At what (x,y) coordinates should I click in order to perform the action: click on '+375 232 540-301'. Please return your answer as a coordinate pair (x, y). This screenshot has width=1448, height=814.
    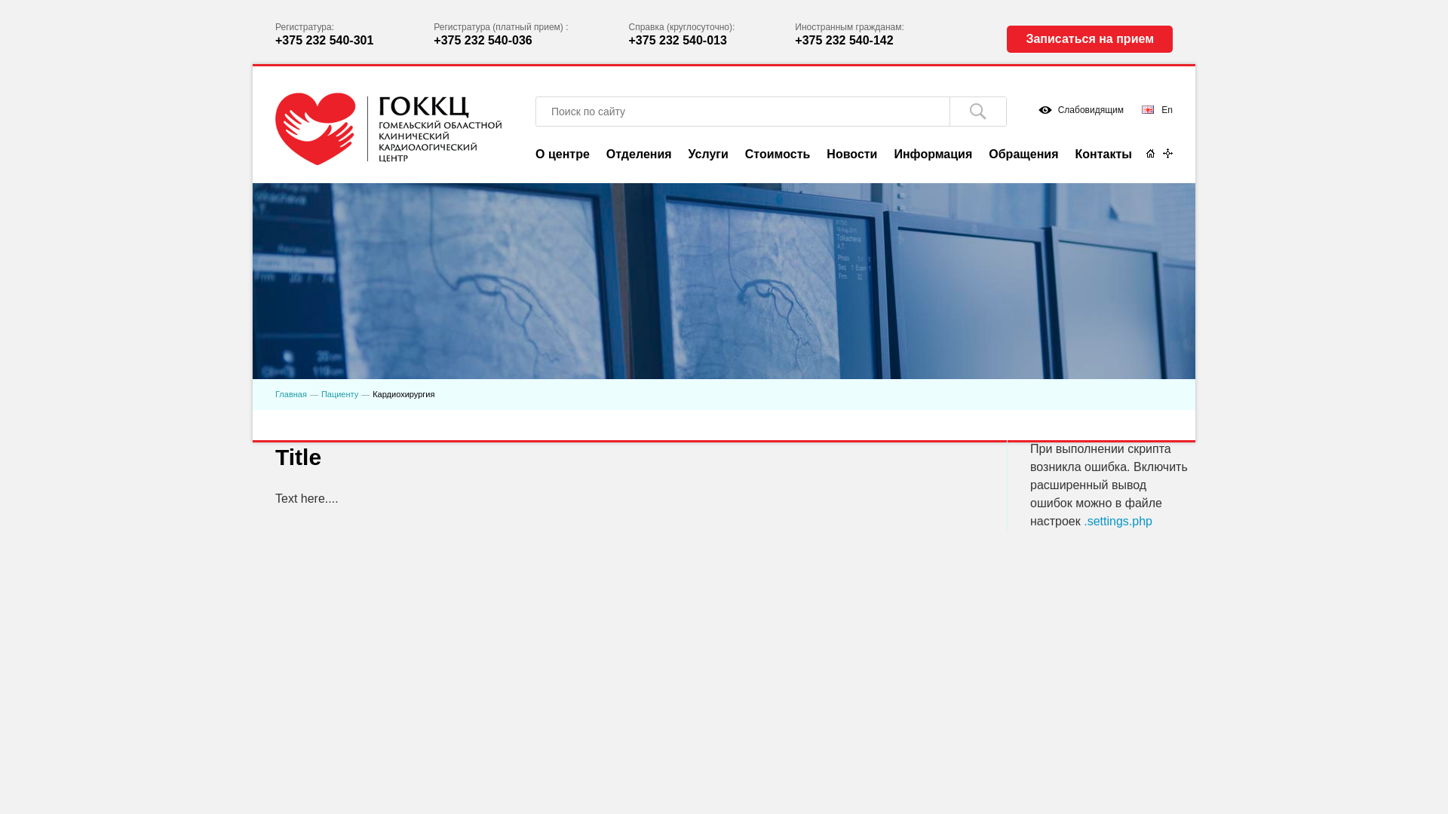
    Looking at the image, I should click on (324, 39).